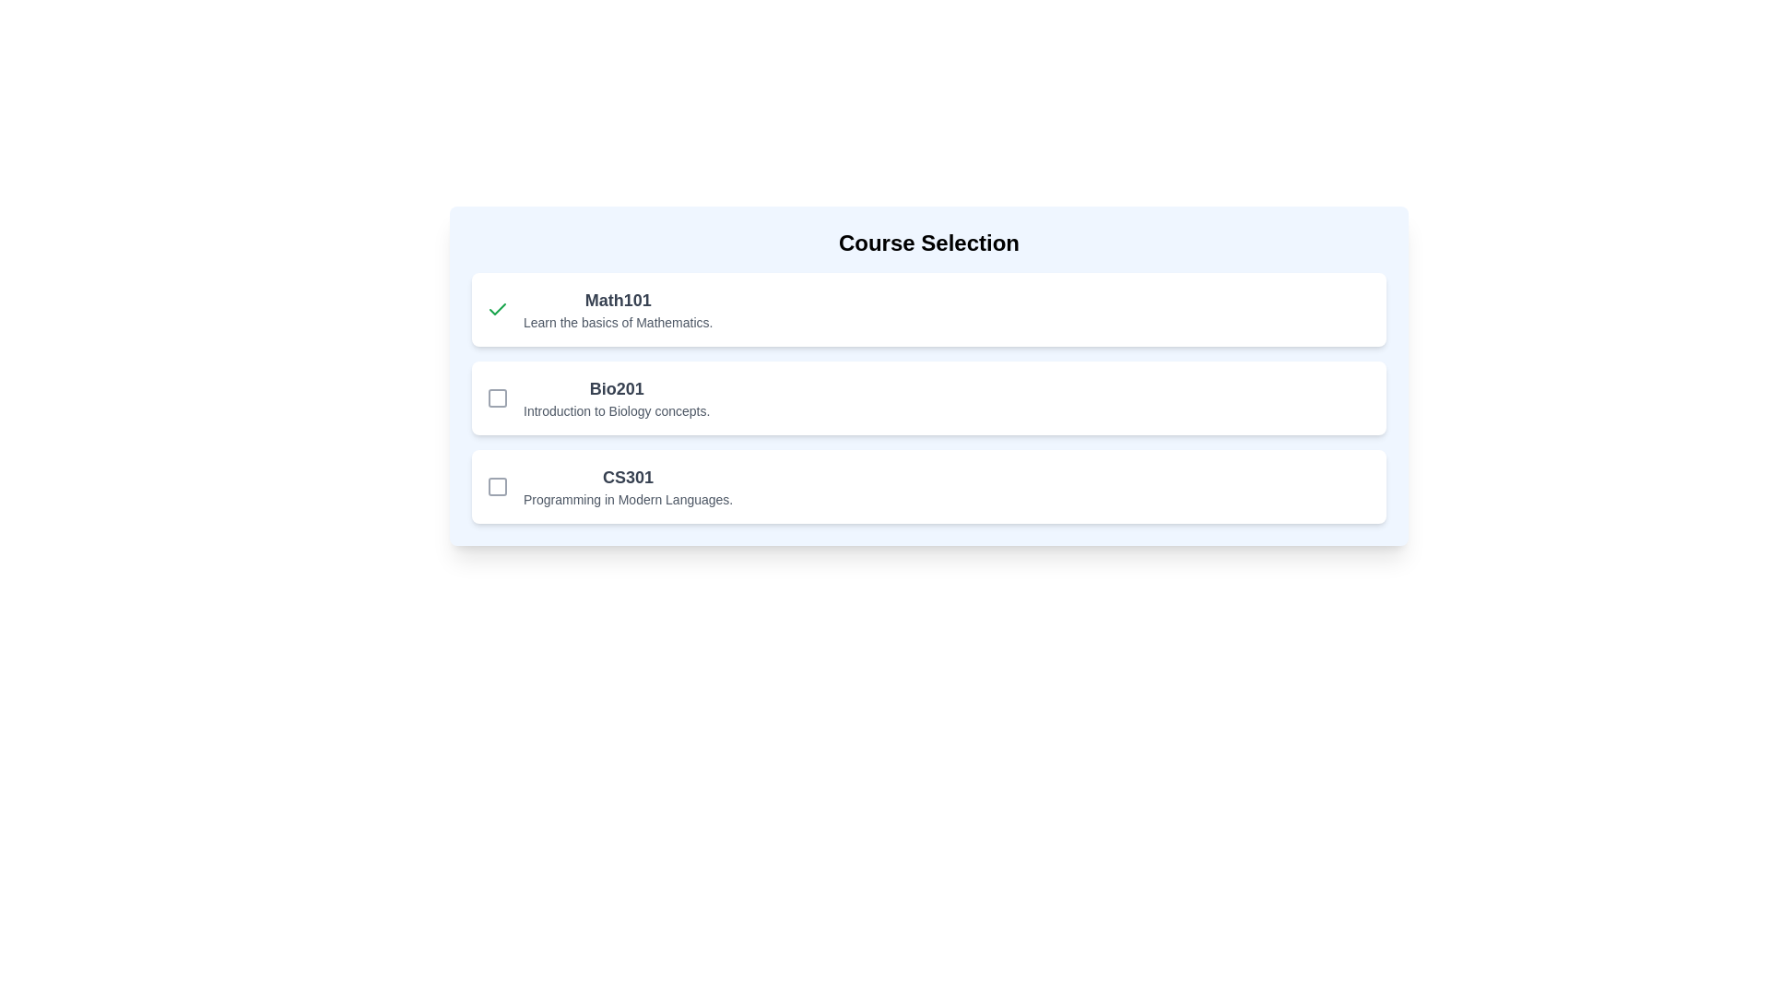 This screenshot has width=1770, height=996. Describe the element at coordinates (618, 300) in the screenshot. I see `the text 'Math101', which is a bold, larger, dark gray heading located at the top-left side of the course options list, above 'Learn the basics of Mathematics.'` at that location.